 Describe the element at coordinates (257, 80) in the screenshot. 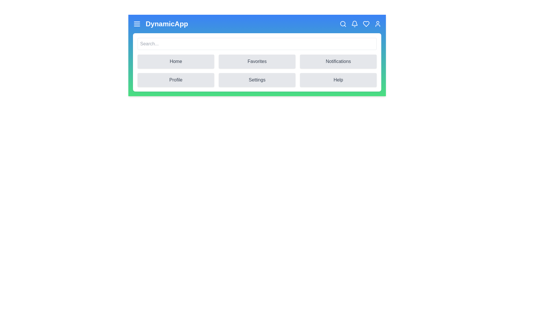

I see `the Settings button in the menu` at that location.